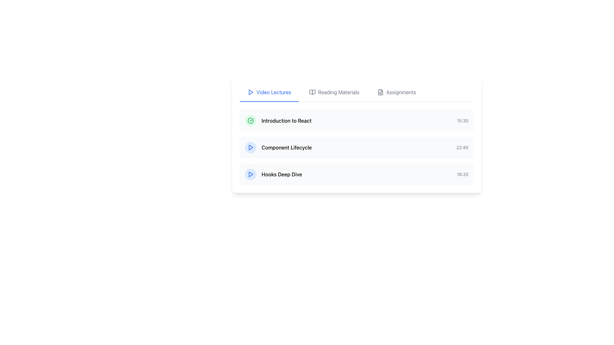 This screenshot has height=345, width=614. I want to click on the green circular icon with a checkmark symbol, located to the left of the text 'Introduction to React', so click(250, 121).